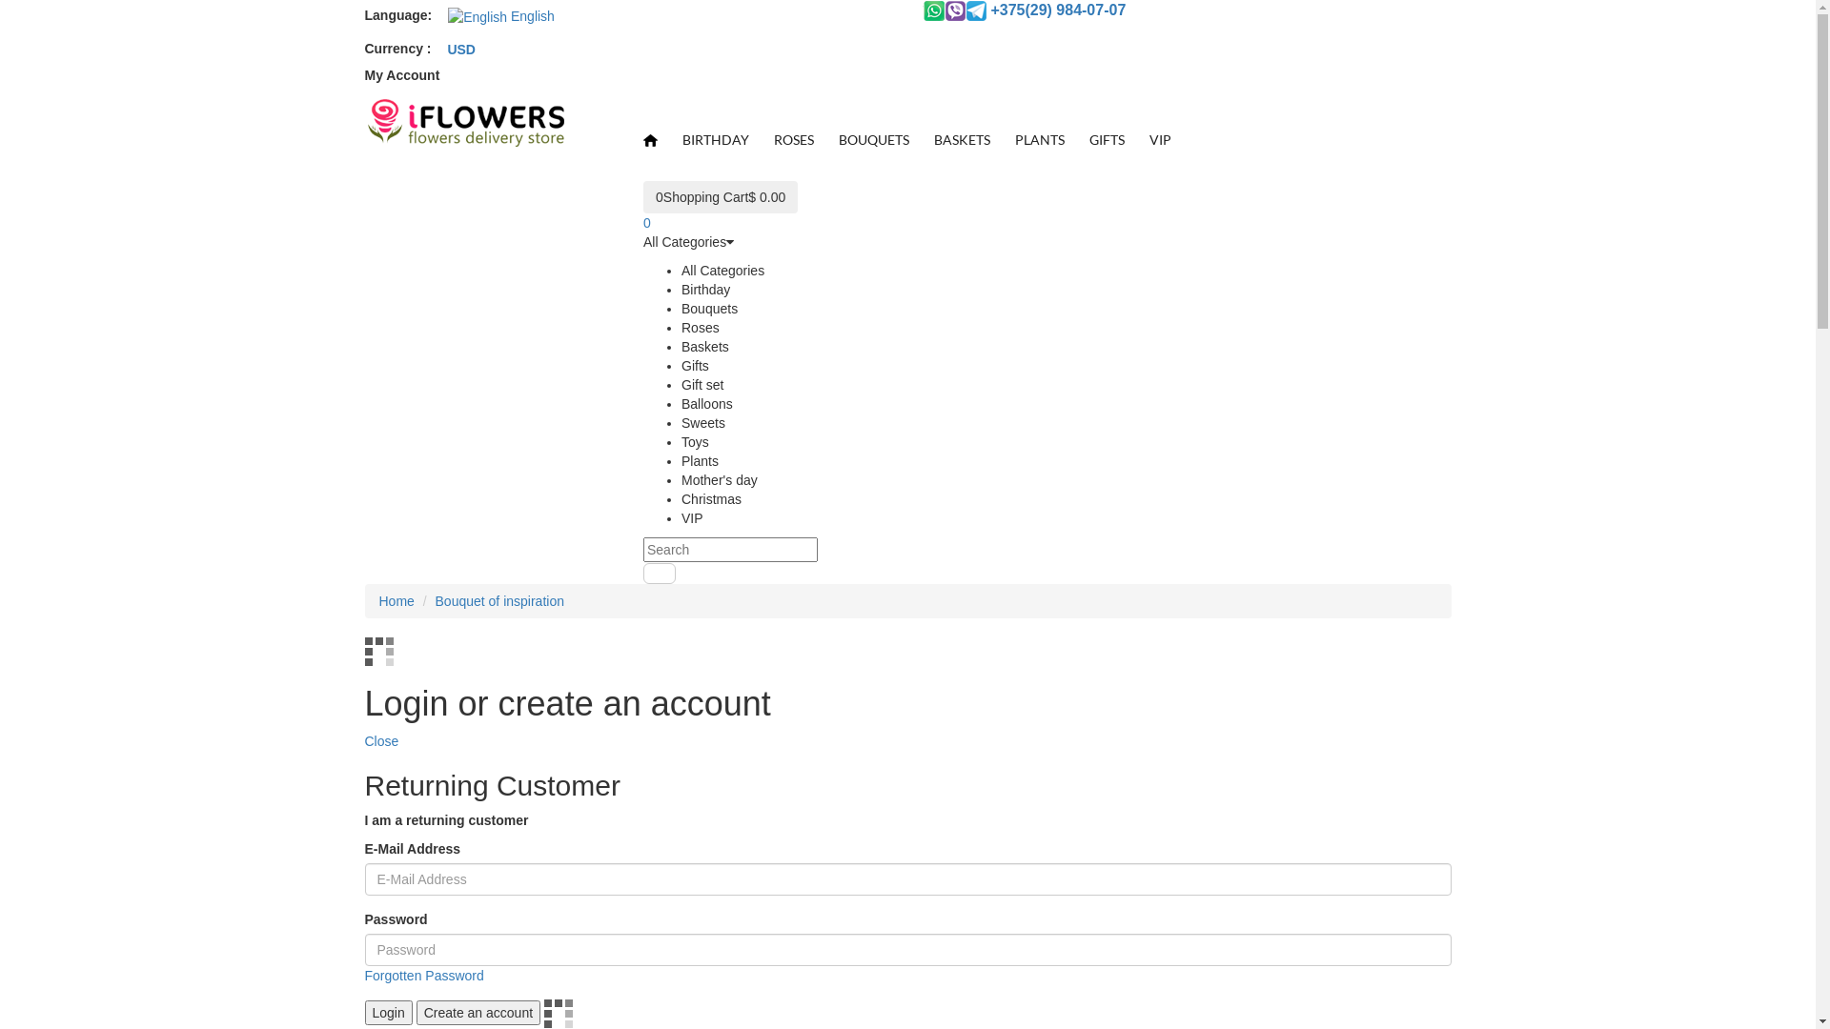 This screenshot has height=1029, width=1830. I want to click on 'GIFTS', so click(1107, 138).